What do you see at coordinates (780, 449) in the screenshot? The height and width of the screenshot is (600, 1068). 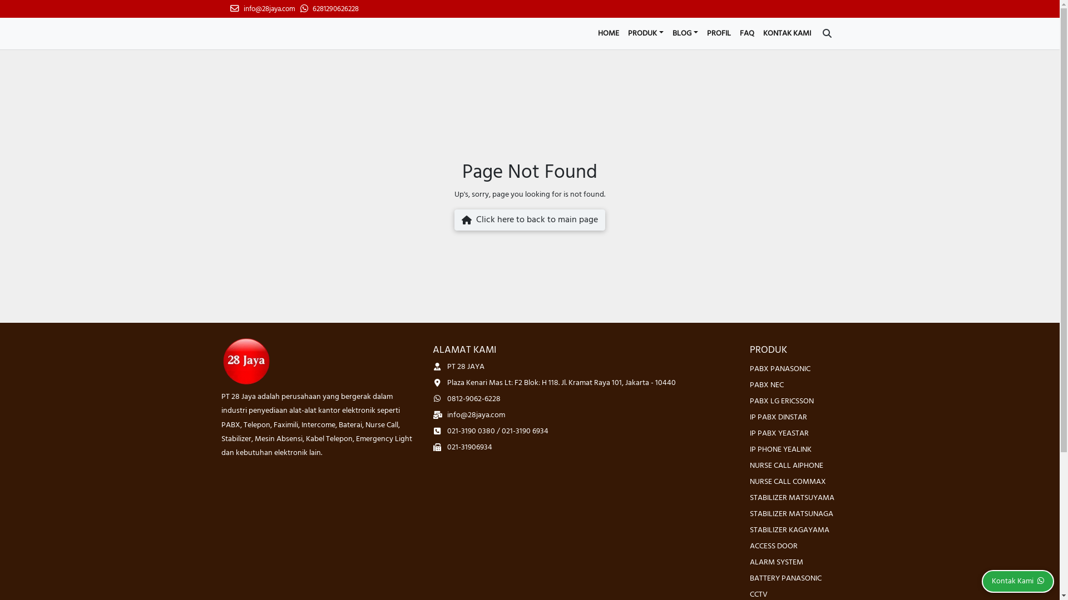 I see `'IP PHONE YEALINK'` at bounding box center [780, 449].